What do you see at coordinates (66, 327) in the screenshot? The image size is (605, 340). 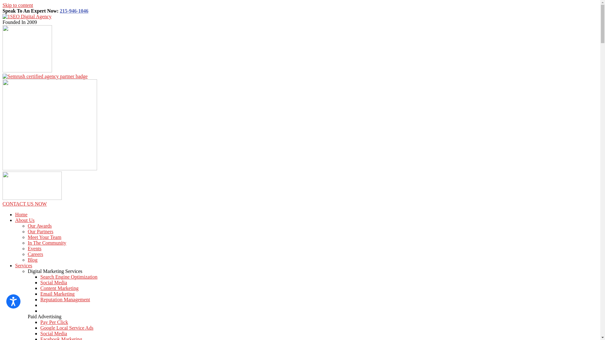 I see `'Google Local Service Ads'` at bounding box center [66, 327].